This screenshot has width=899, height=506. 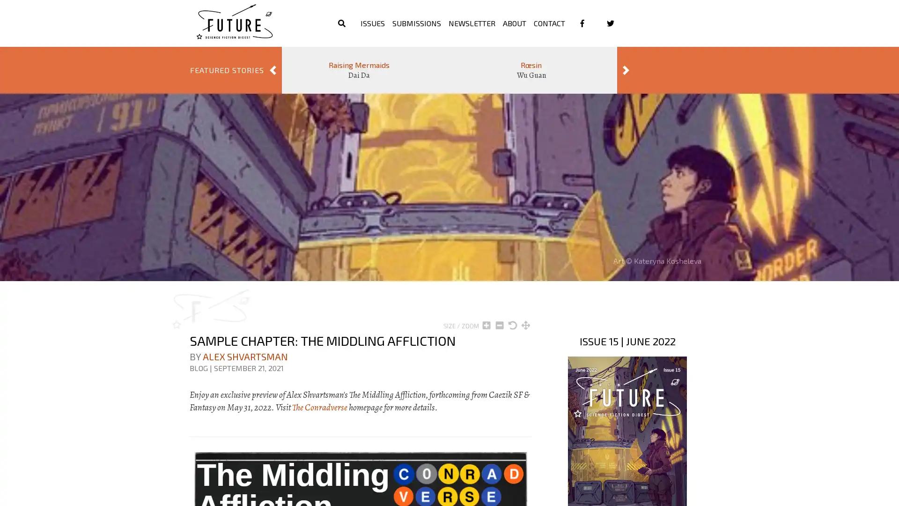 I want to click on Next, so click(x=626, y=70).